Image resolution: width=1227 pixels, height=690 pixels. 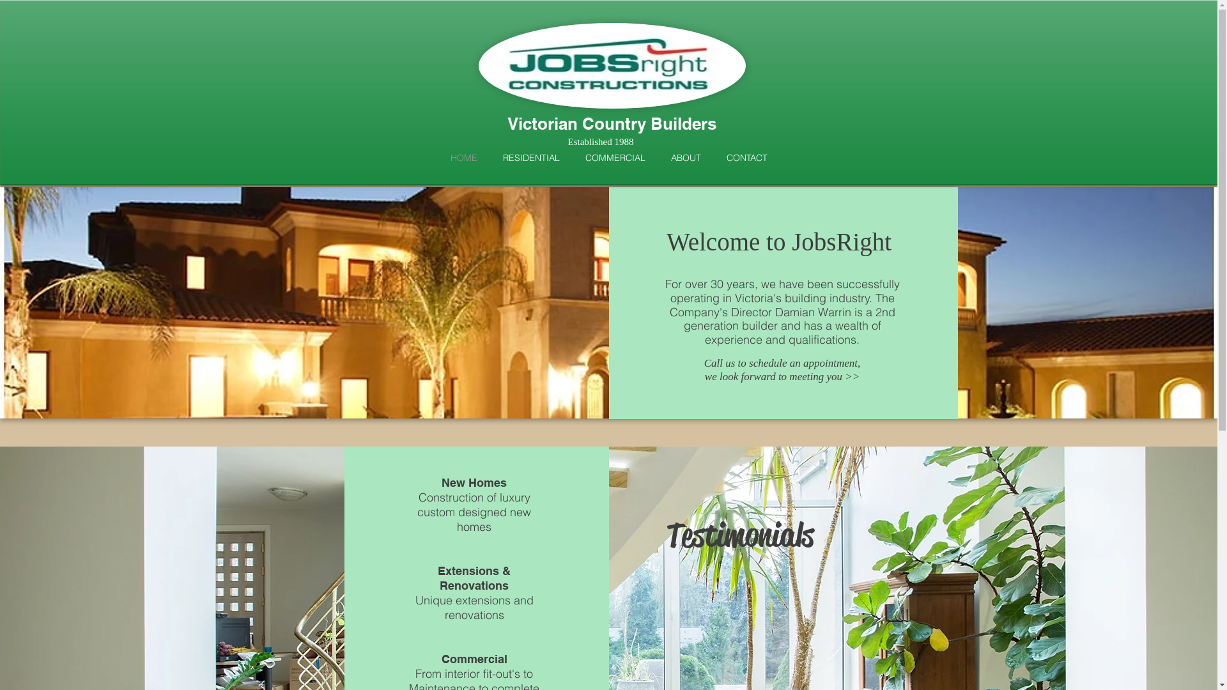 What do you see at coordinates (615, 156) in the screenshot?
I see `'COMMERCIAL'` at bounding box center [615, 156].